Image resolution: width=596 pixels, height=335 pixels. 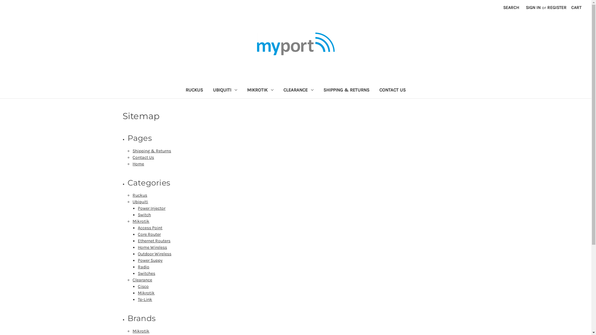 What do you see at coordinates (155, 254) in the screenshot?
I see `'Outdoor Wireless'` at bounding box center [155, 254].